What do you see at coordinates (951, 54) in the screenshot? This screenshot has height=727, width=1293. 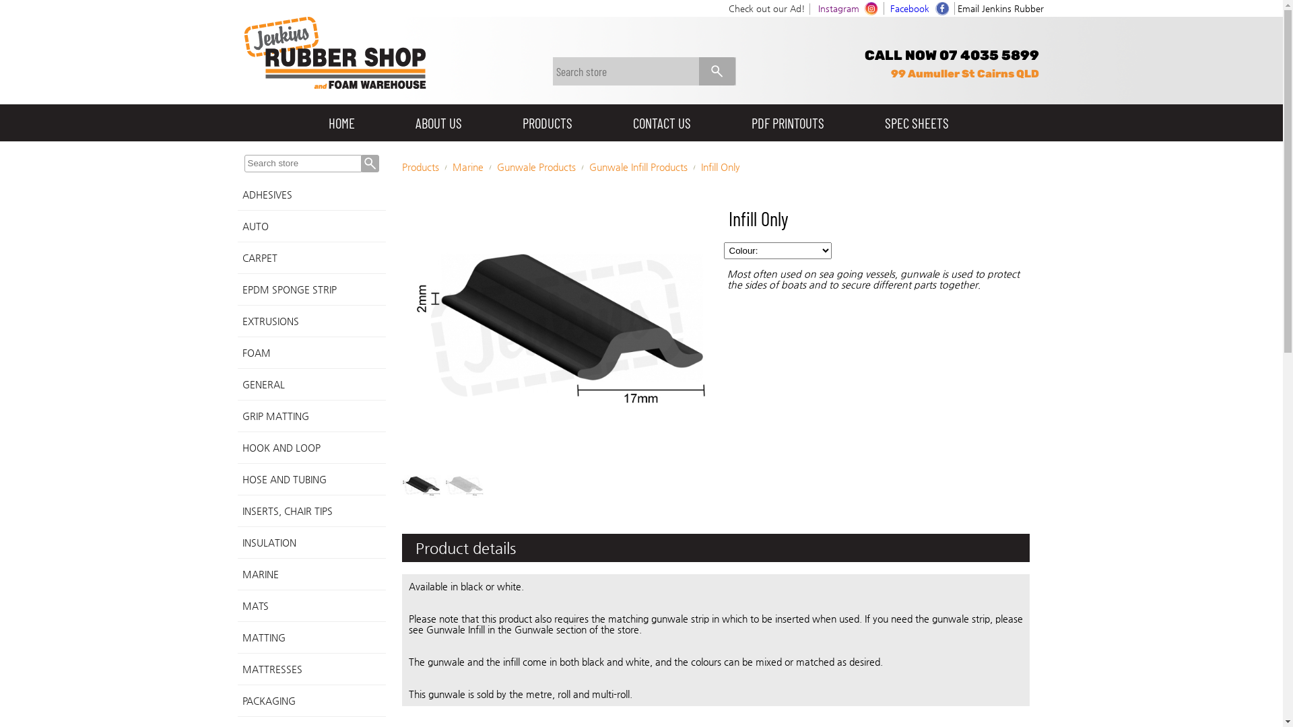 I see `'CALL NOW 07 4035 5899'` at bounding box center [951, 54].